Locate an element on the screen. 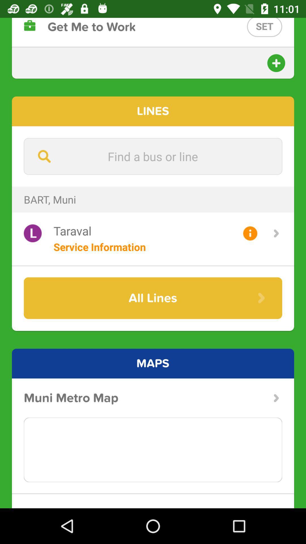  the logo beside taraval is located at coordinates (33, 233).